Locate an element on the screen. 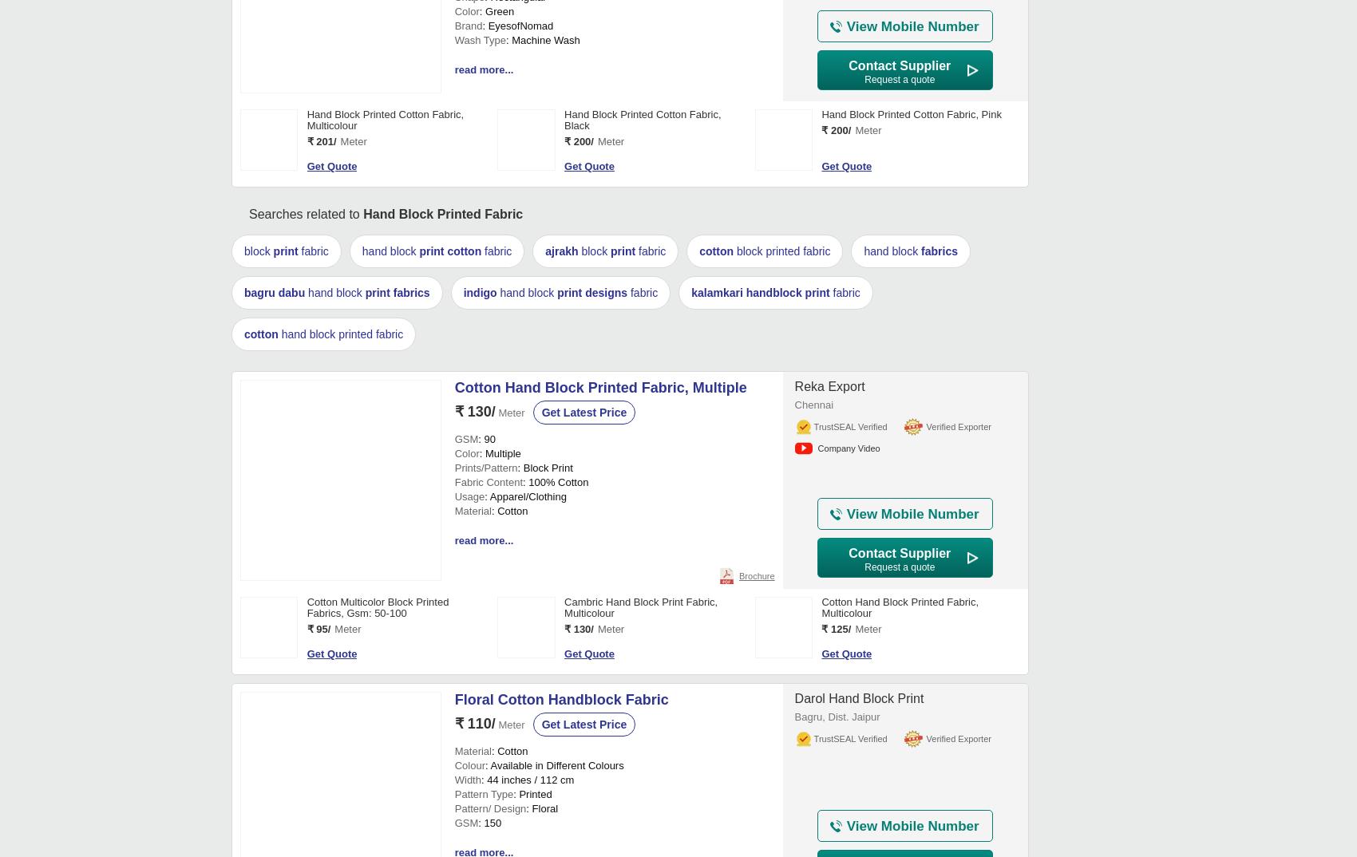 The height and width of the screenshot is (857, 1357). 'hand block printed fabric' is located at coordinates (340, 823).